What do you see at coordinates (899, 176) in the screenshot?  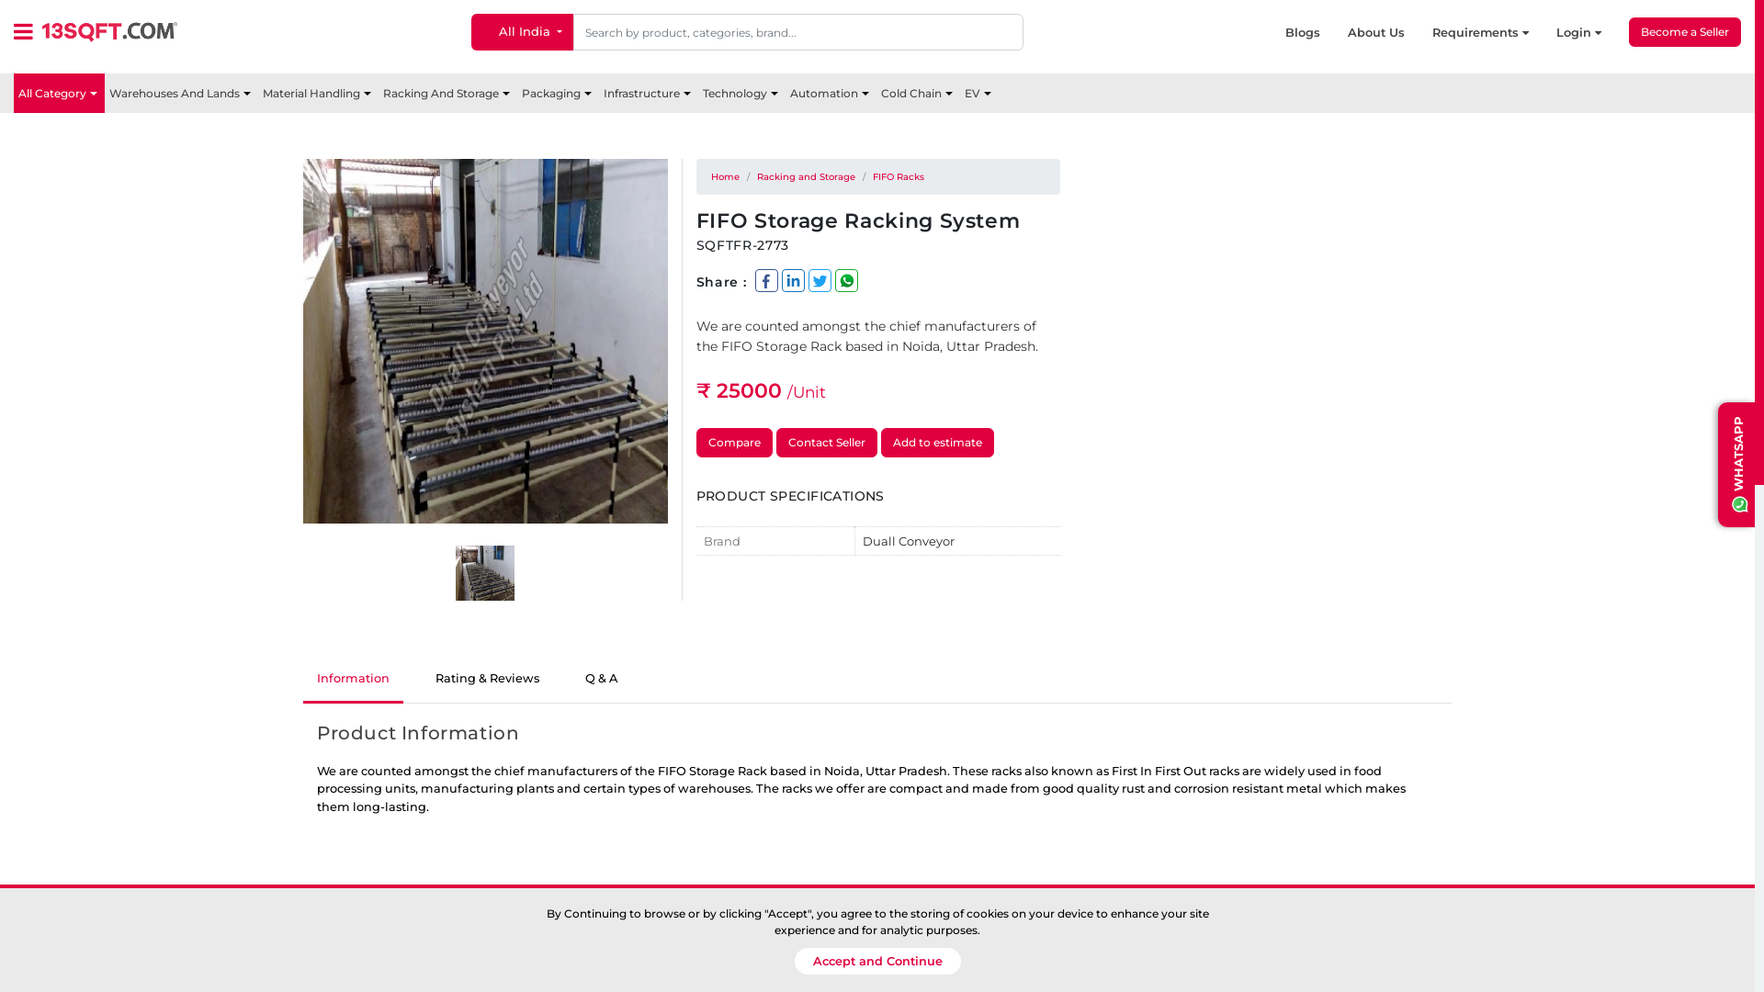 I see `'FIFO Racks'` at bounding box center [899, 176].